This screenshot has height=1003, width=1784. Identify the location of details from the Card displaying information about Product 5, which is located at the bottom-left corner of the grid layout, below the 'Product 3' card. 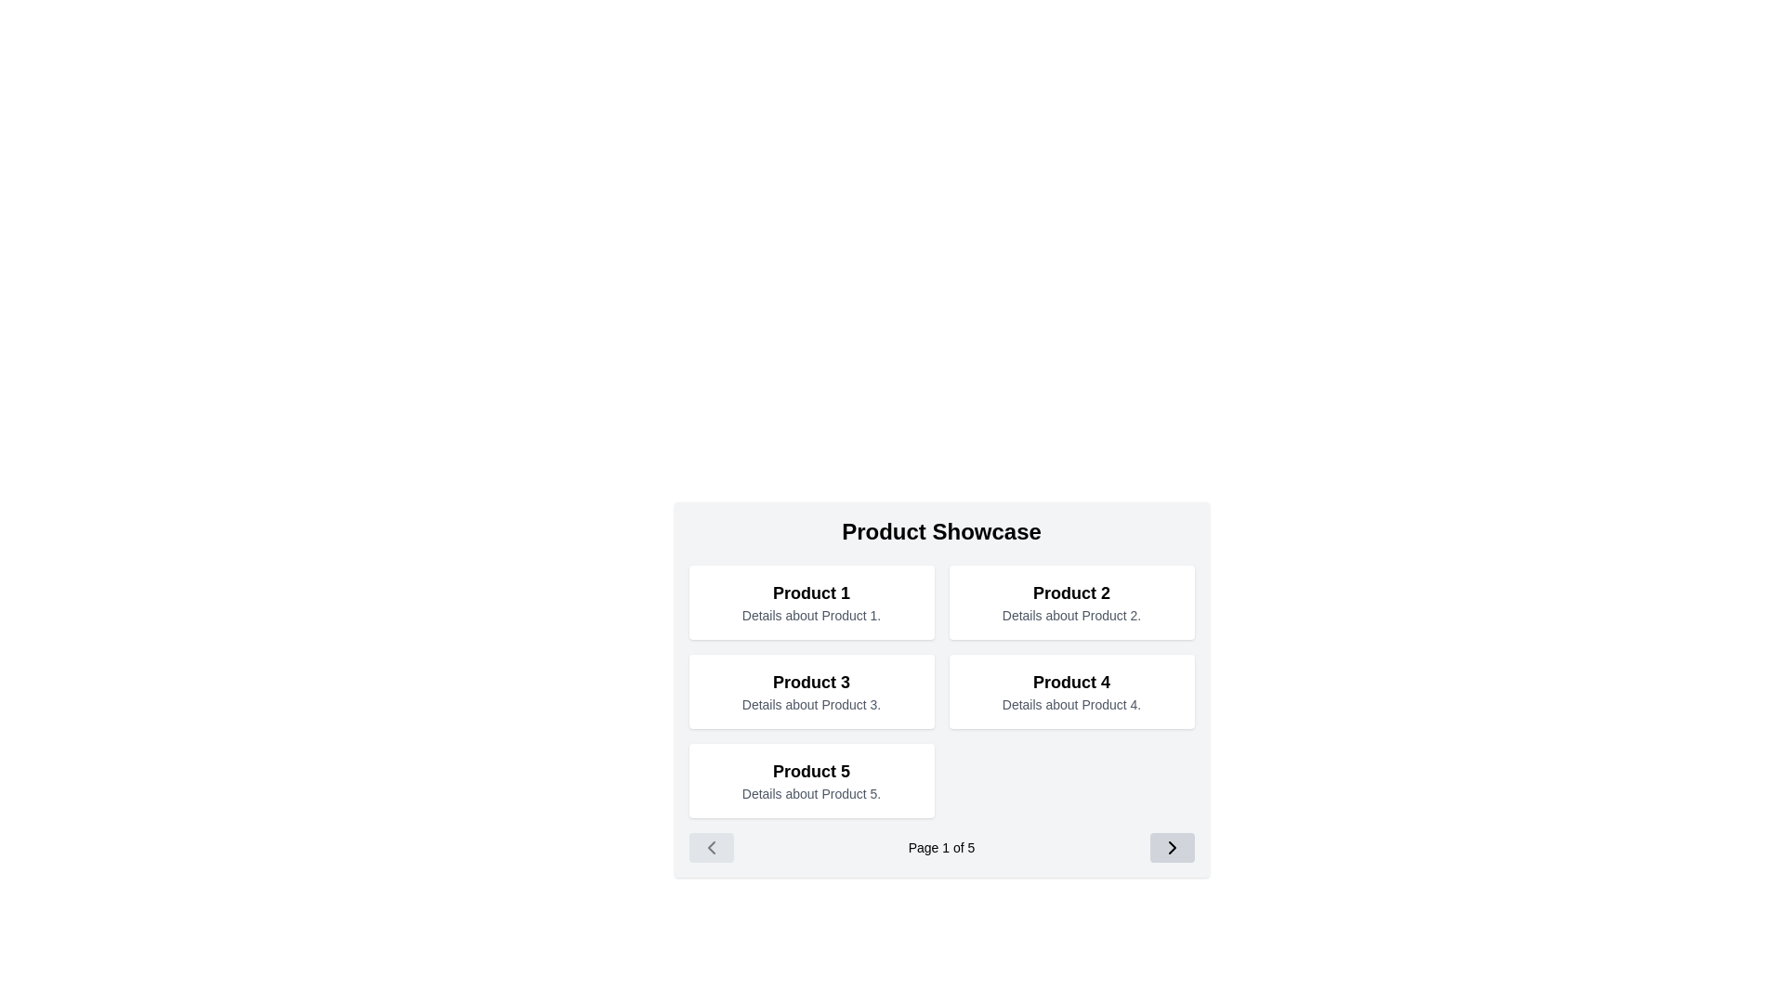
(811, 780).